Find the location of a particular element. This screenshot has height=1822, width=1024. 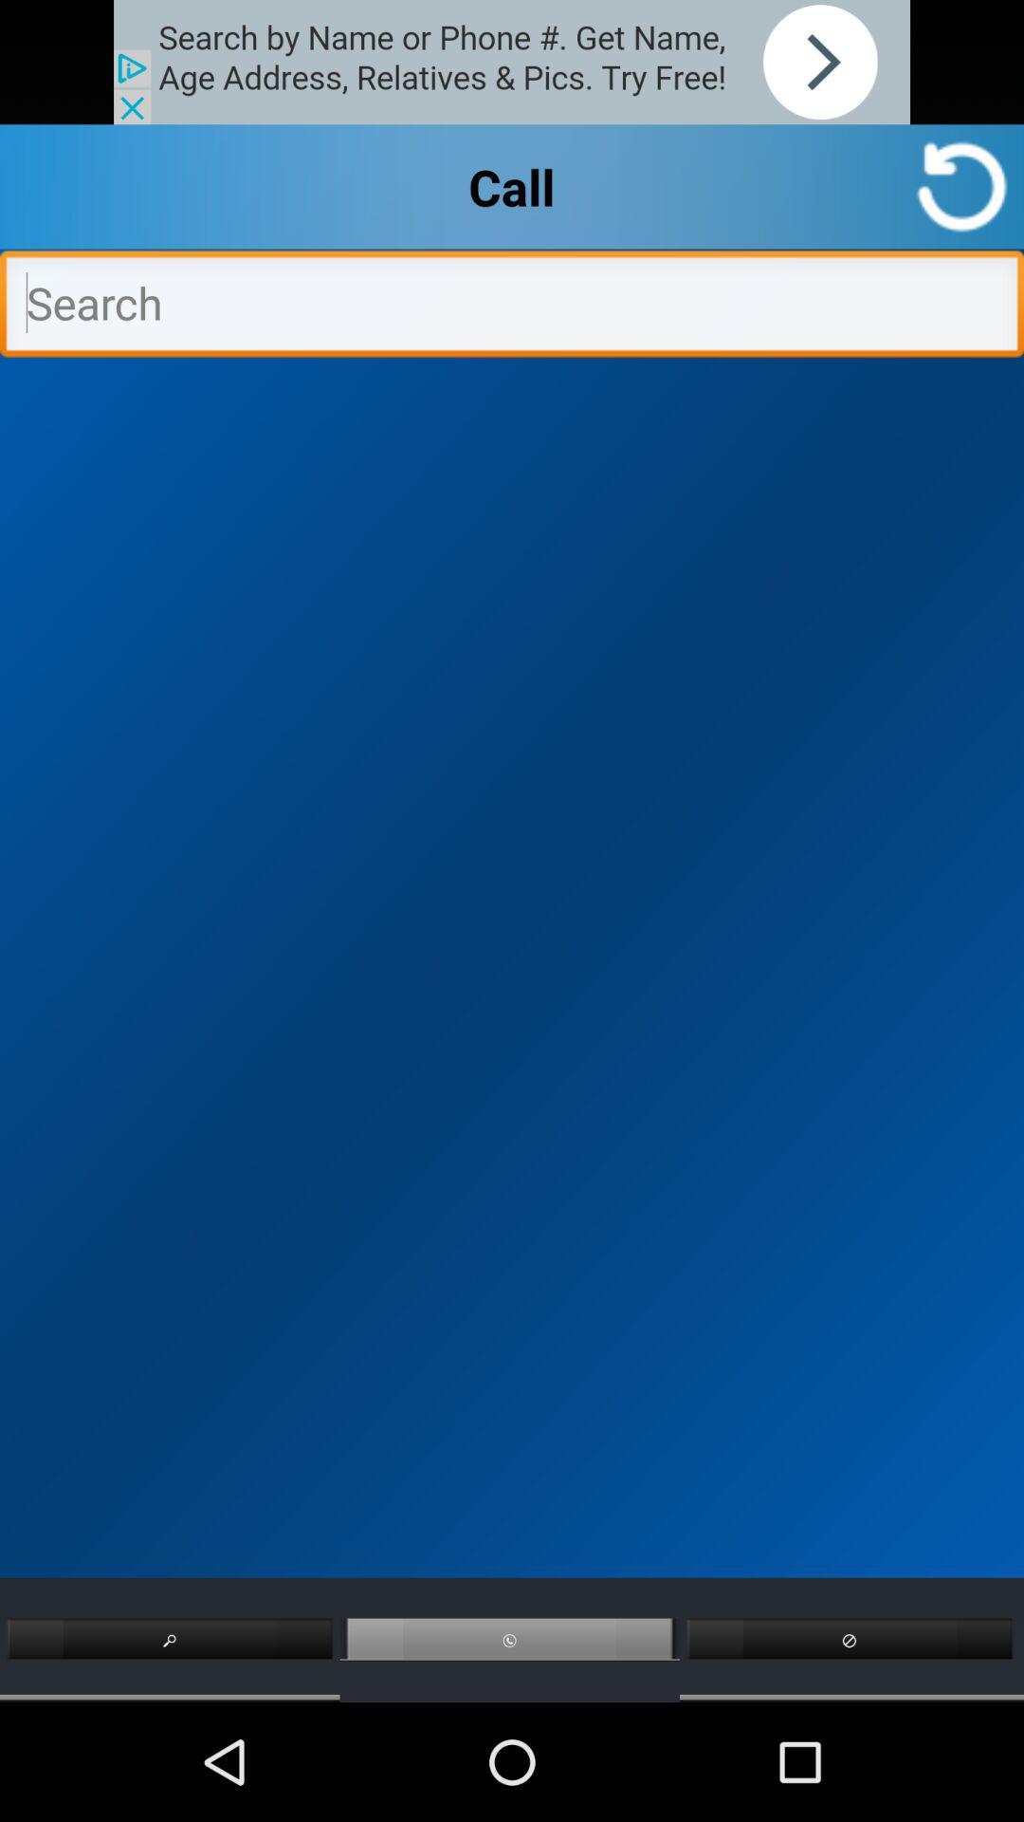

announcement is located at coordinates (512, 62).